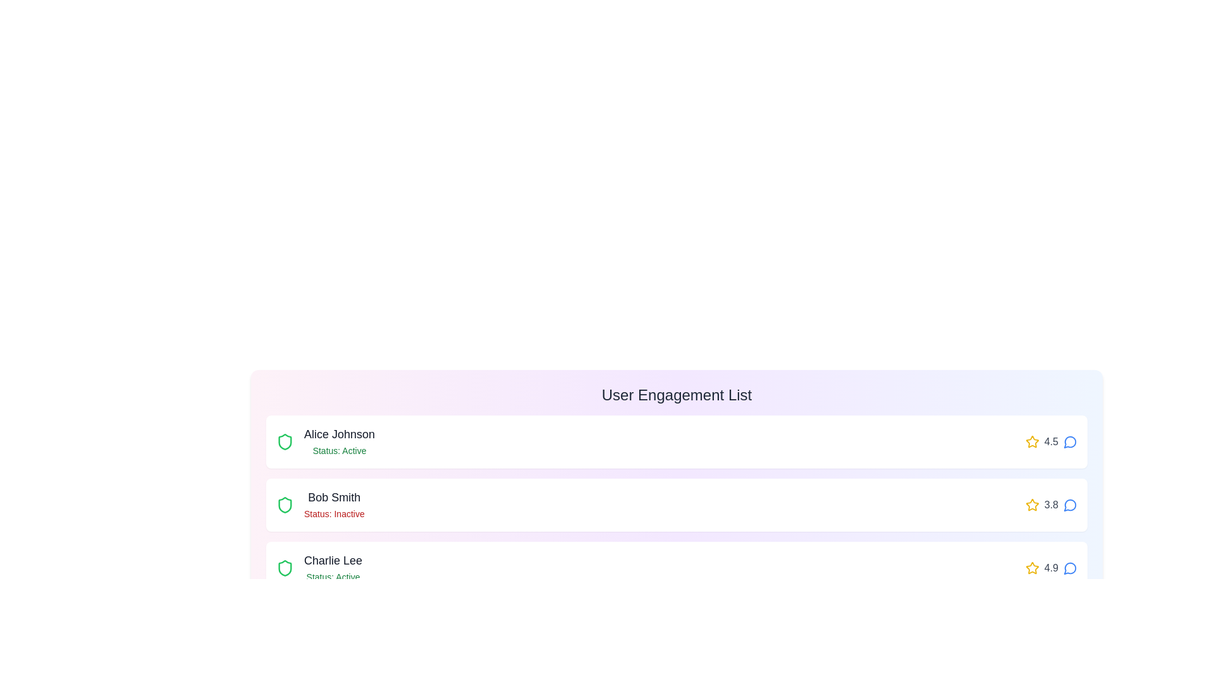 This screenshot has width=1214, height=682. Describe the element at coordinates (1070, 441) in the screenshot. I see `the message icon next to the user Alice Johnson` at that location.